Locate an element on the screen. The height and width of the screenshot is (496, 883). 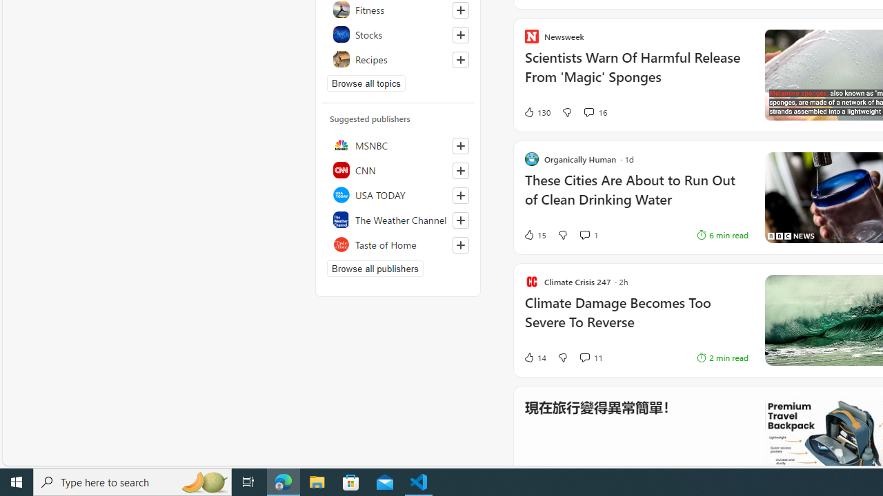
'Taste of Home' is located at coordinates (397, 243).